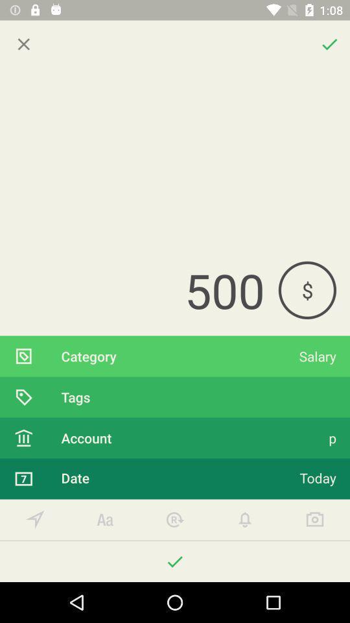  What do you see at coordinates (138, 290) in the screenshot?
I see `the 500` at bounding box center [138, 290].